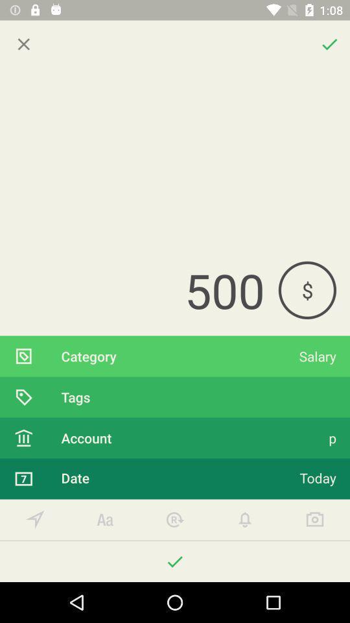  What do you see at coordinates (138, 290) in the screenshot?
I see `the 500` at bounding box center [138, 290].